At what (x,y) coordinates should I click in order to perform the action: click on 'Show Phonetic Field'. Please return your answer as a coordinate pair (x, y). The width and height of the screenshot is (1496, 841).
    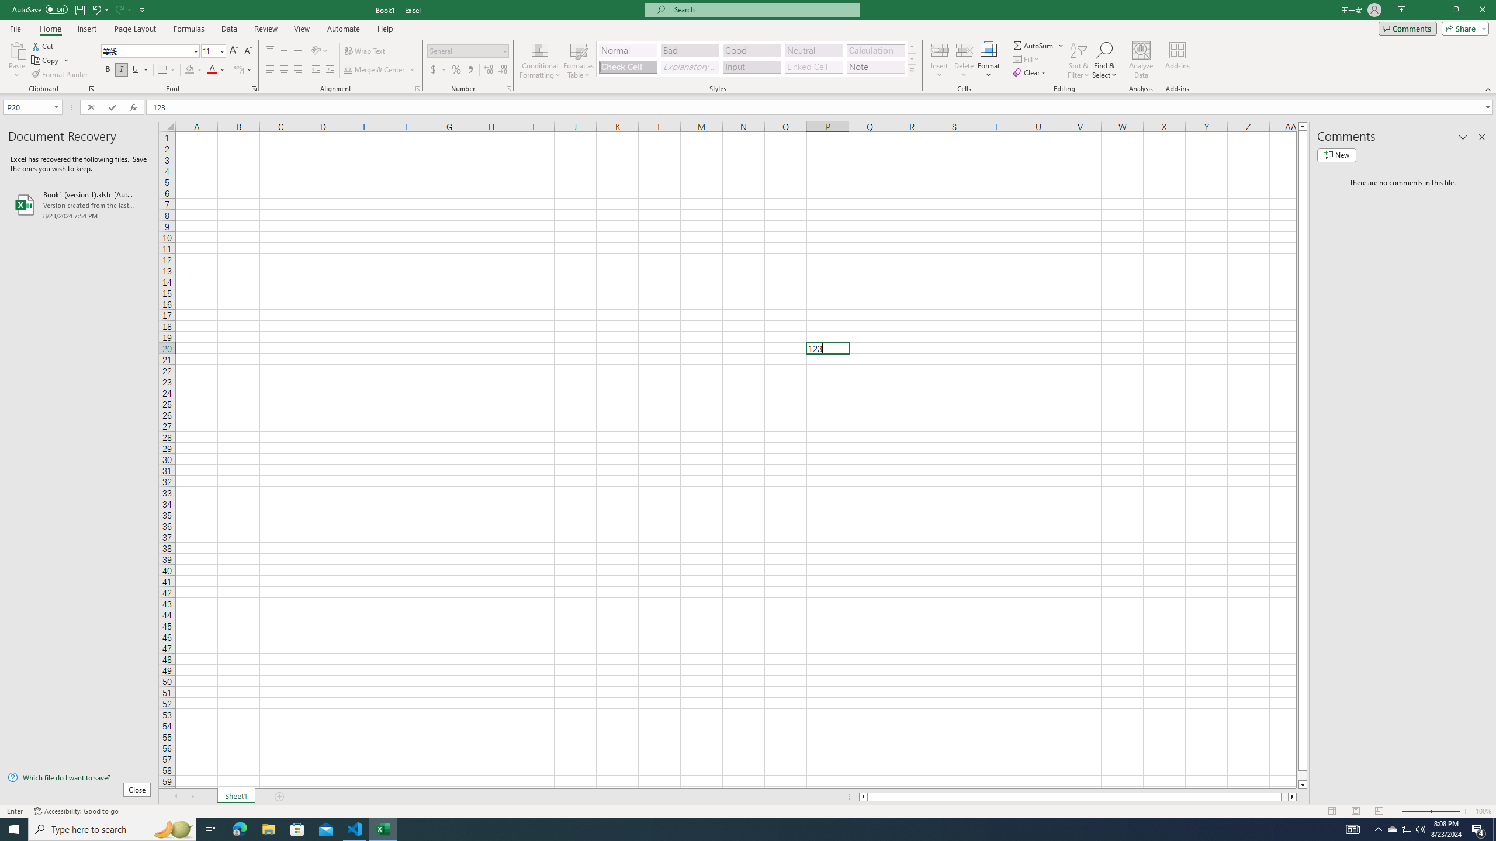
    Looking at the image, I should click on (238, 69).